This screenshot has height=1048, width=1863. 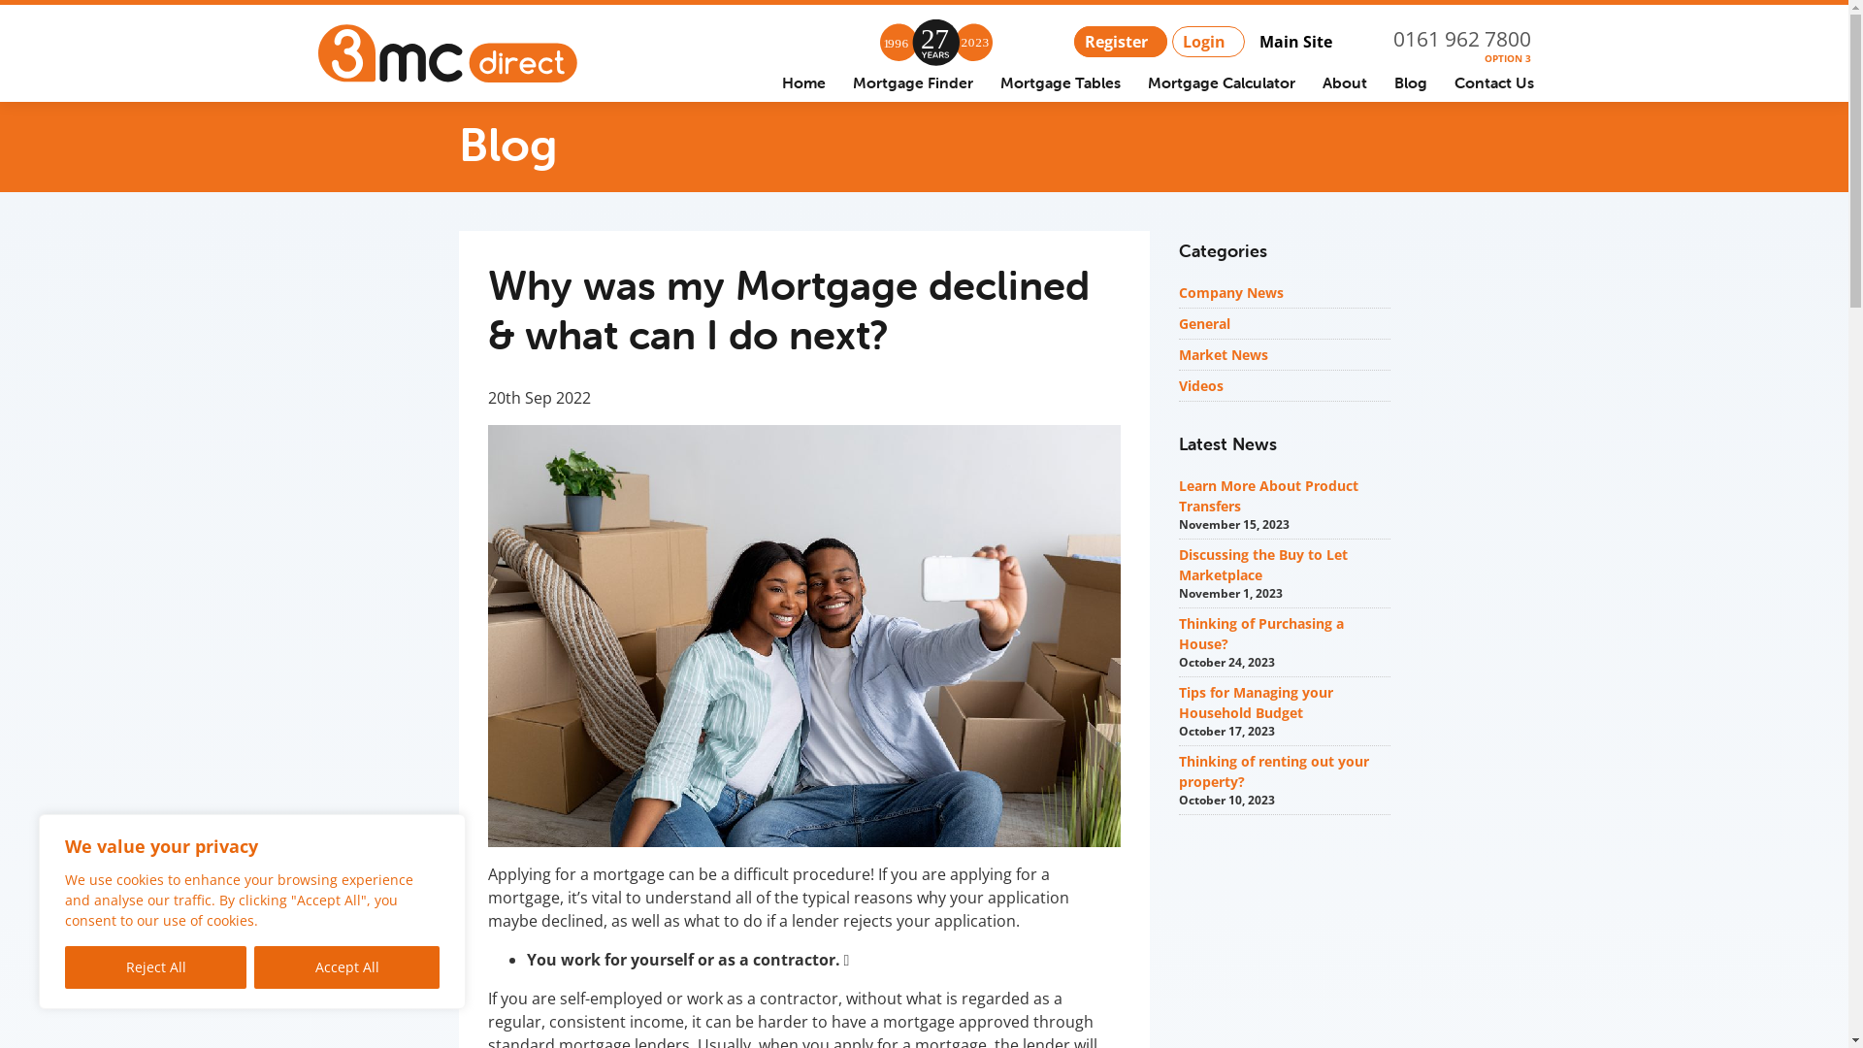 What do you see at coordinates (1177, 565) in the screenshot?
I see `'Discussing the Buy to Let Marketplace'` at bounding box center [1177, 565].